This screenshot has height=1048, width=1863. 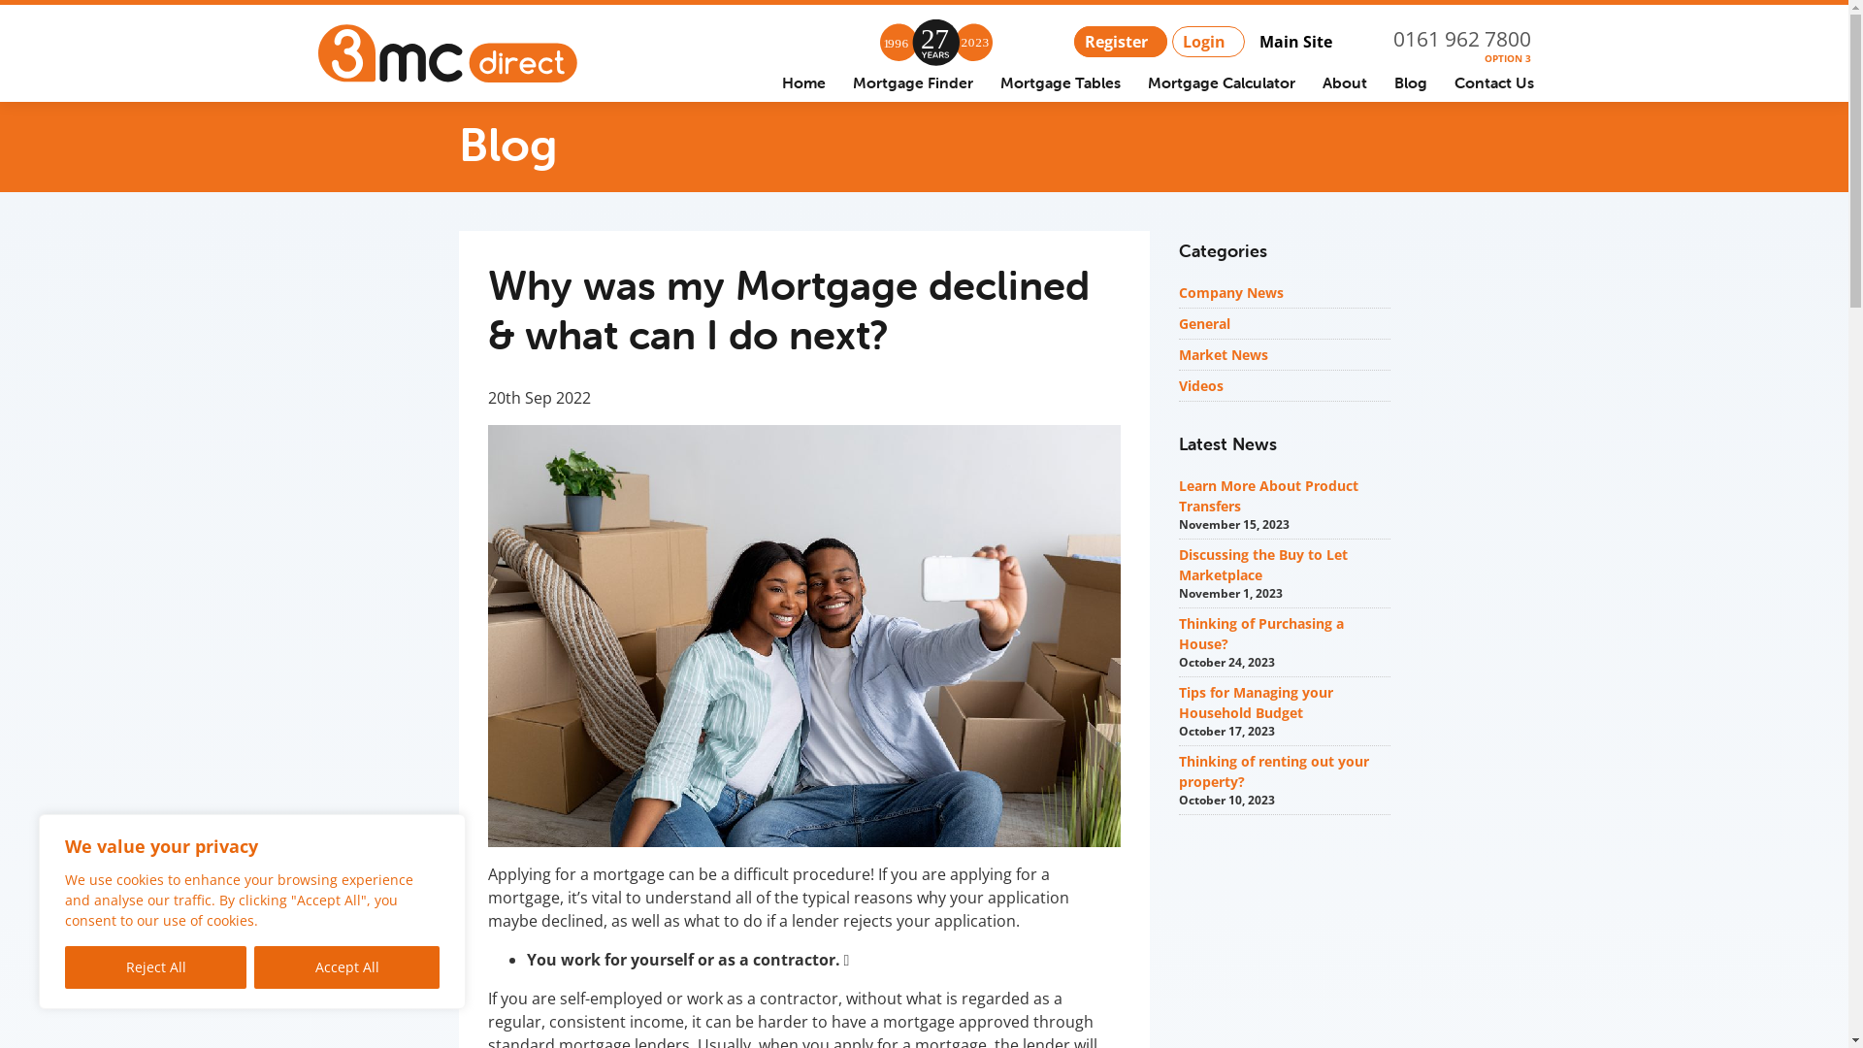 What do you see at coordinates (1177, 565) in the screenshot?
I see `'Discussing the Buy to Let Marketplace'` at bounding box center [1177, 565].